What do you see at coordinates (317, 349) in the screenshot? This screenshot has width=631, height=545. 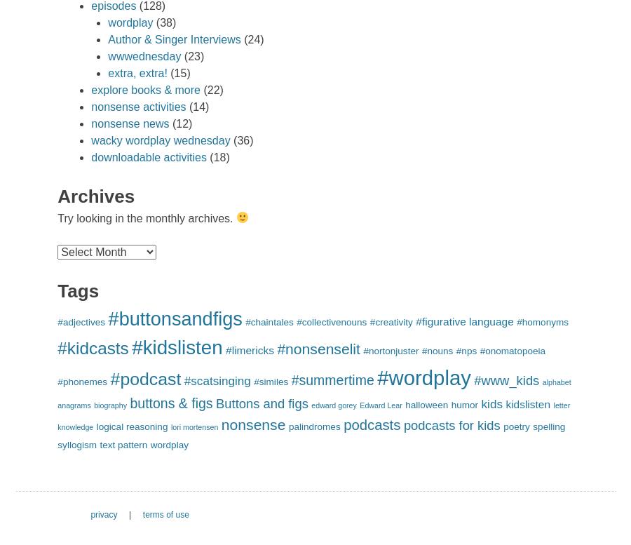 I see `'#nonsenselit'` at bounding box center [317, 349].